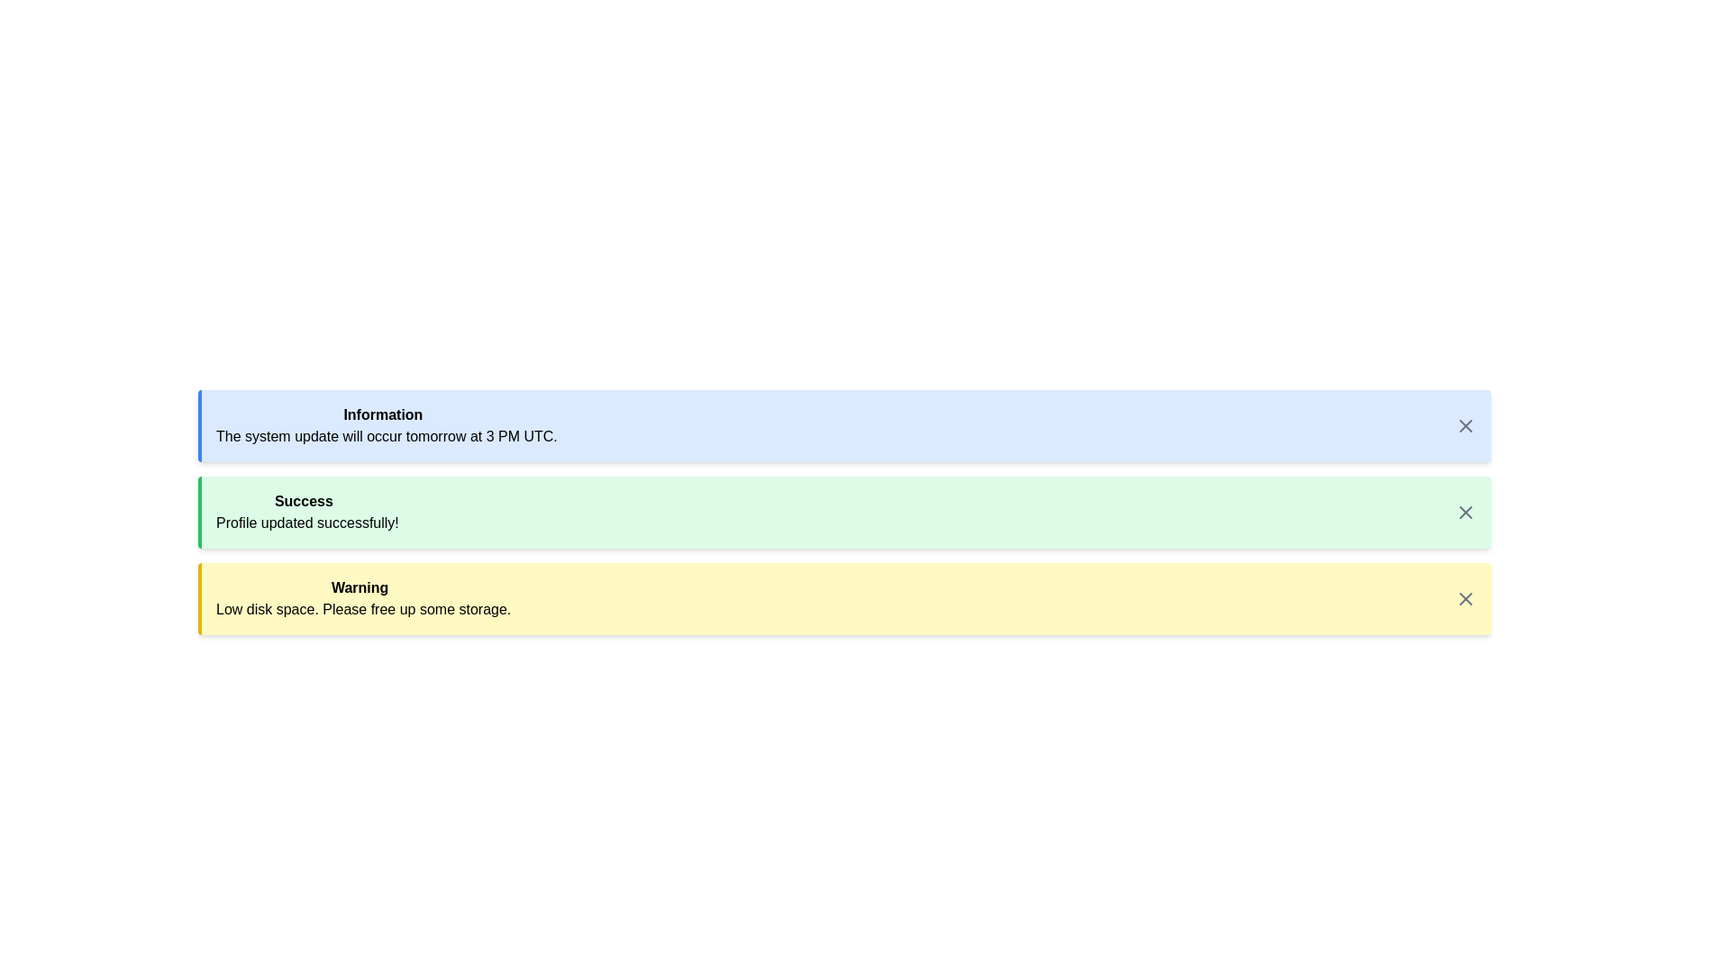 The height and width of the screenshot is (973, 1730). I want to click on the Text Label that serves as a heading for the notification block, located above the message 'Low disk space. Please free up some storage.', so click(360, 587).